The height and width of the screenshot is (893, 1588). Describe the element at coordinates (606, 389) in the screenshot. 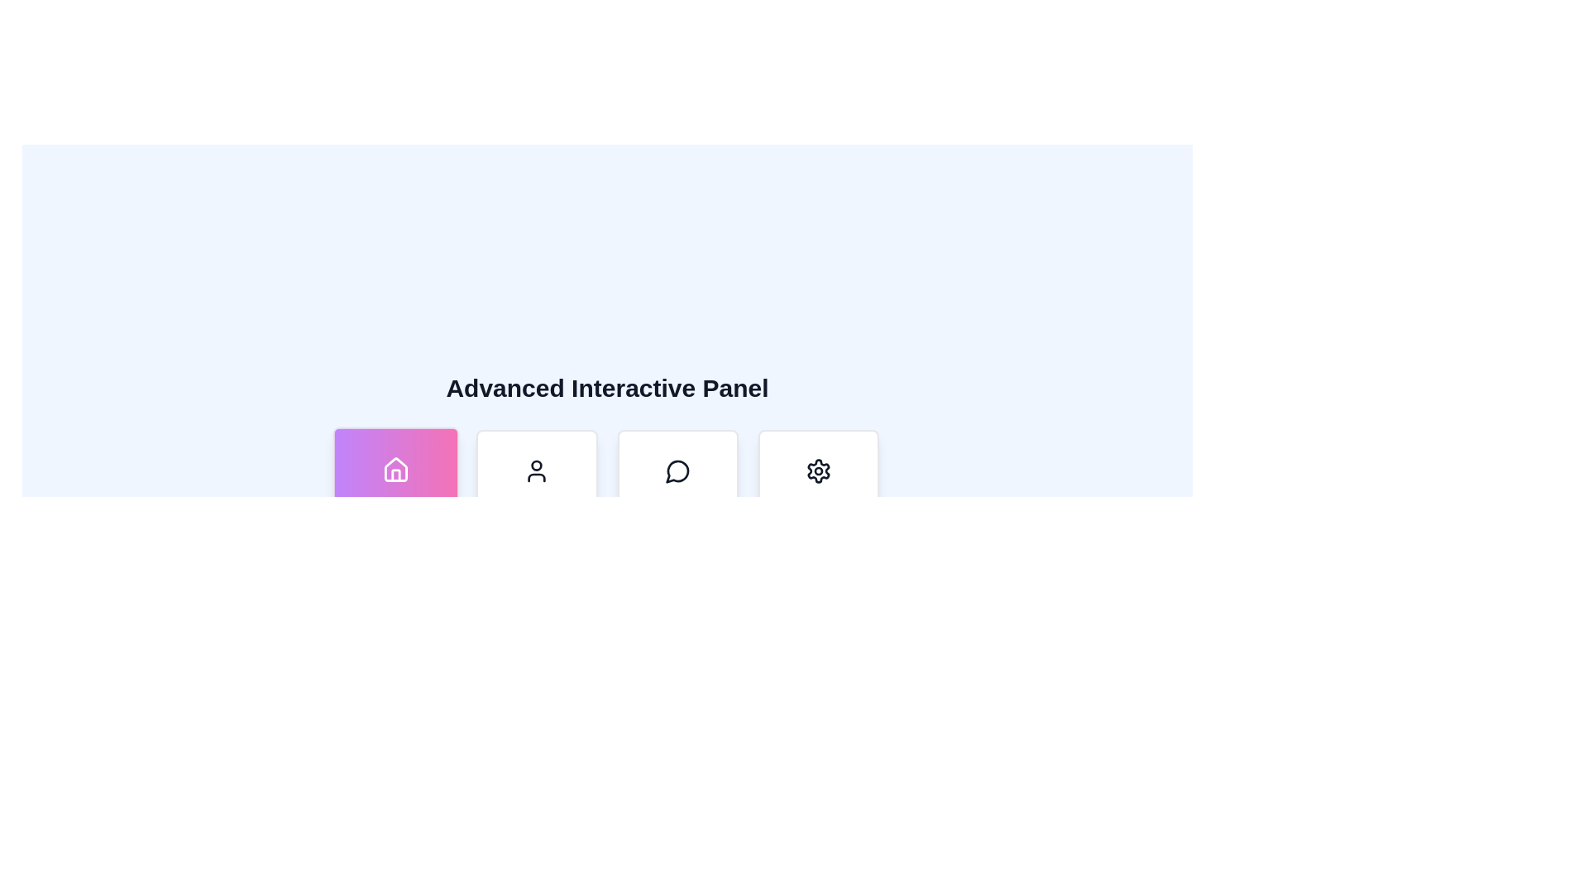

I see `heading text displayed as a title for the section, located centered above the grid of icons including 'Dashboard', 'Profile', 'Messages', and 'Settings'` at that location.